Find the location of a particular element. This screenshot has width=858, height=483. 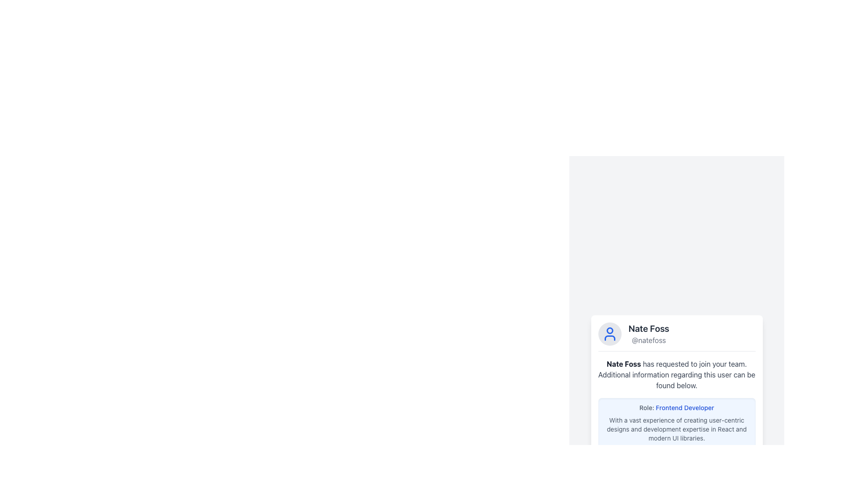

the text label displaying the username '@natefoss', which is styled with a gray font color and smaller size, positioned below the larger bold name label 'Nate Foss' within a profile card is located at coordinates (649, 340).